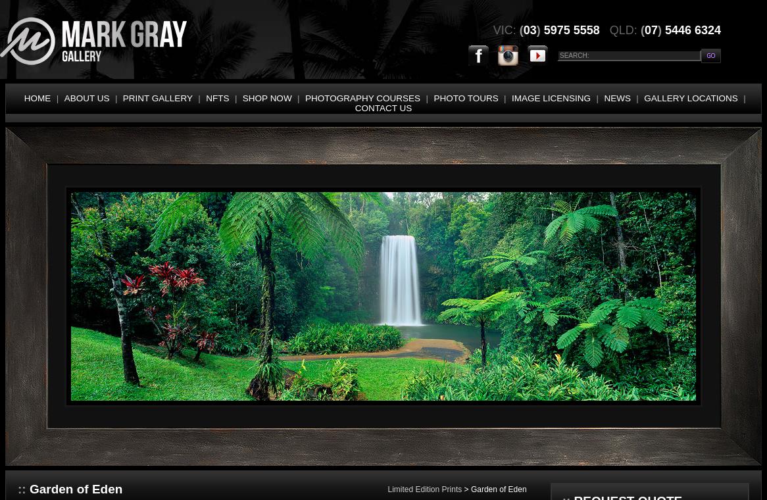  Describe the element at coordinates (691, 29) in the screenshot. I see `'5446 6324'` at that location.